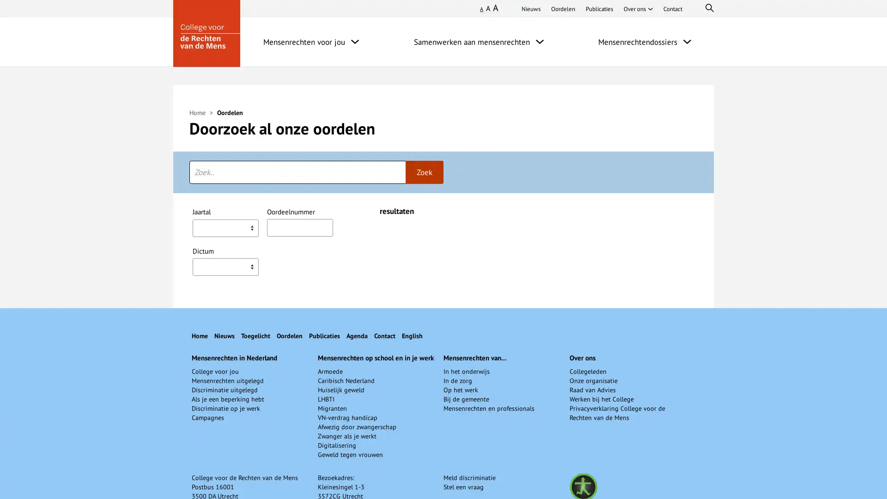  What do you see at coordinates (452, 301) in the screenshot?
I see `Arbeid - Arbeidsomstandigheden,` at bounding box center [452, 301].